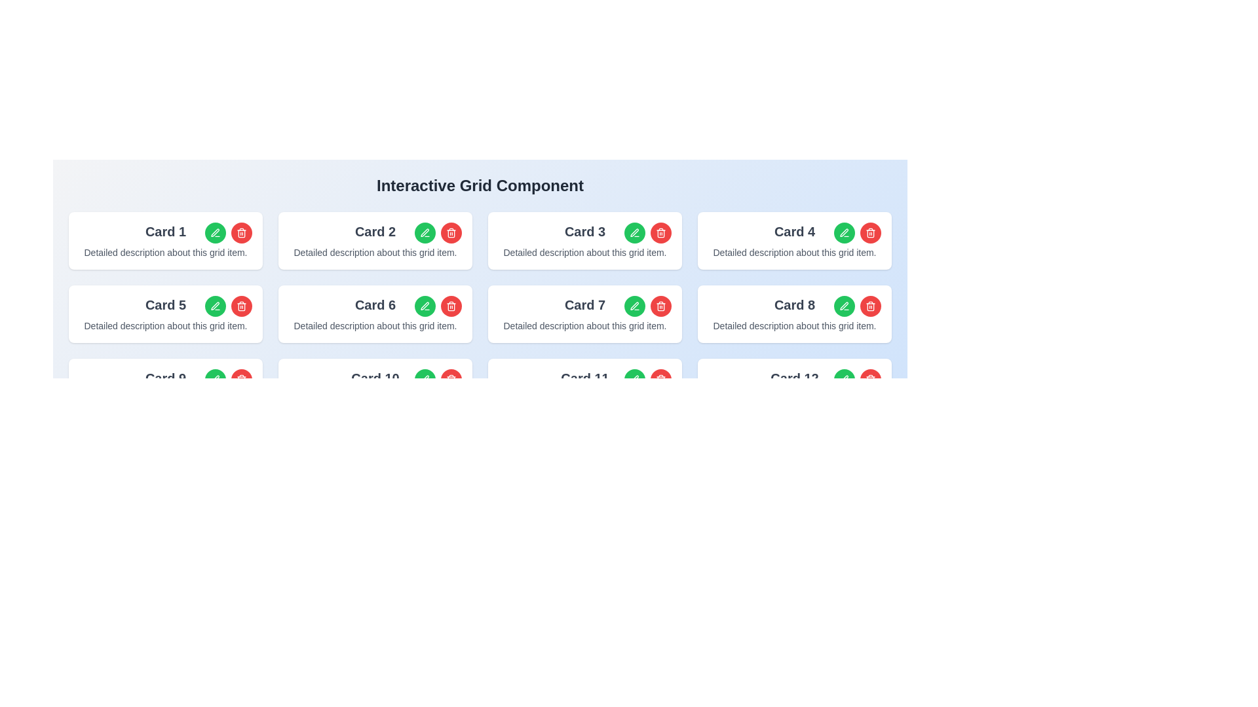 This screenshot has height=707, width=1258. What do you see at coordinates (374, 252) in the screenshot?
I see `the static text component located below the main title of 'Card 2' in the grid layout, which provides contextual information about the card item` at bounding box center [374, 252].